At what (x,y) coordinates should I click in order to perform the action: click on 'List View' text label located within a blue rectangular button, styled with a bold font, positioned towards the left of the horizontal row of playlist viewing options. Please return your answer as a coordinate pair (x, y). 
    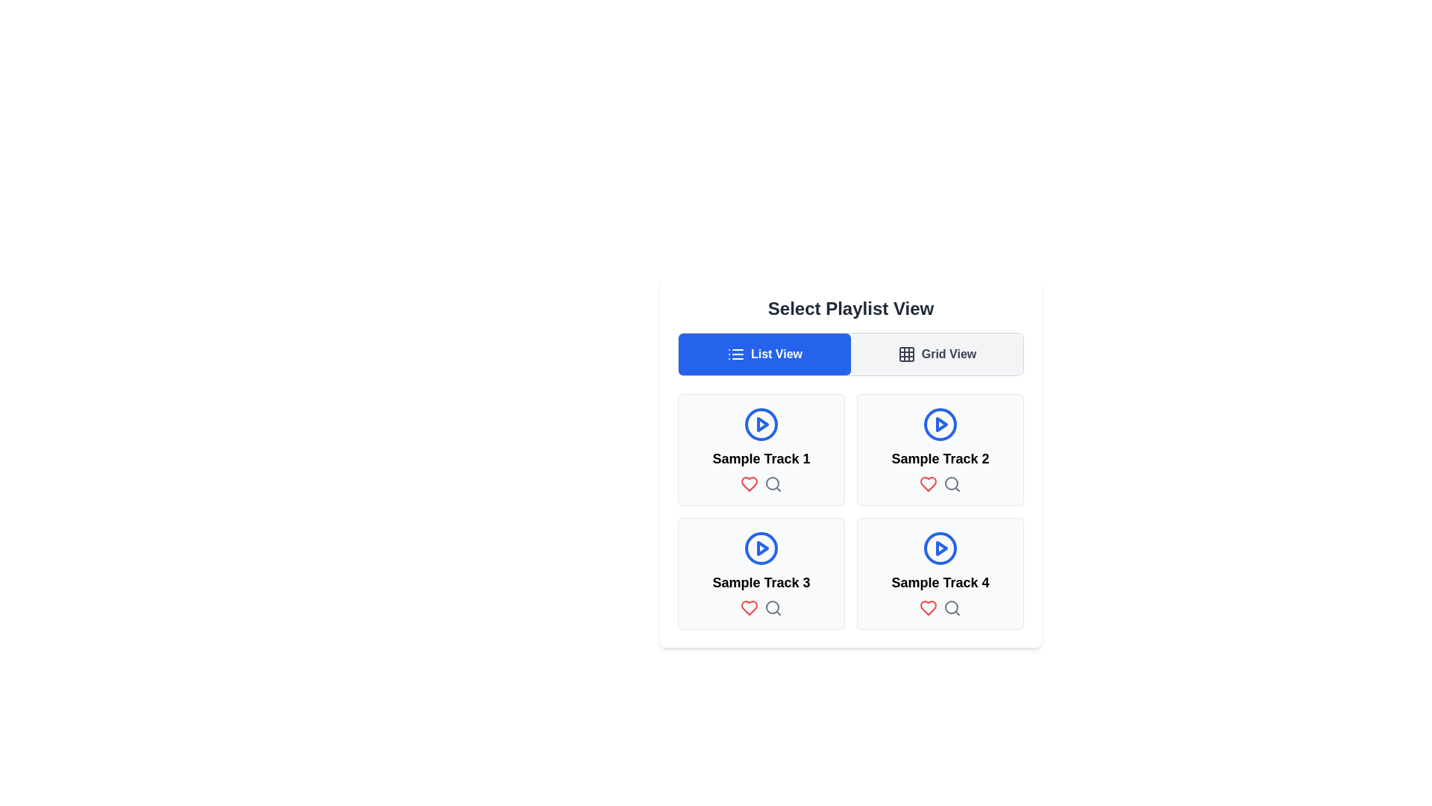
    Looking at the image, I should click on (776, 354).